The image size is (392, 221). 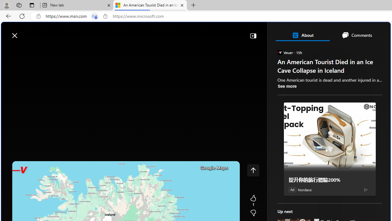 I want to click on 'Skip to footer', so click(x=25, y=32).